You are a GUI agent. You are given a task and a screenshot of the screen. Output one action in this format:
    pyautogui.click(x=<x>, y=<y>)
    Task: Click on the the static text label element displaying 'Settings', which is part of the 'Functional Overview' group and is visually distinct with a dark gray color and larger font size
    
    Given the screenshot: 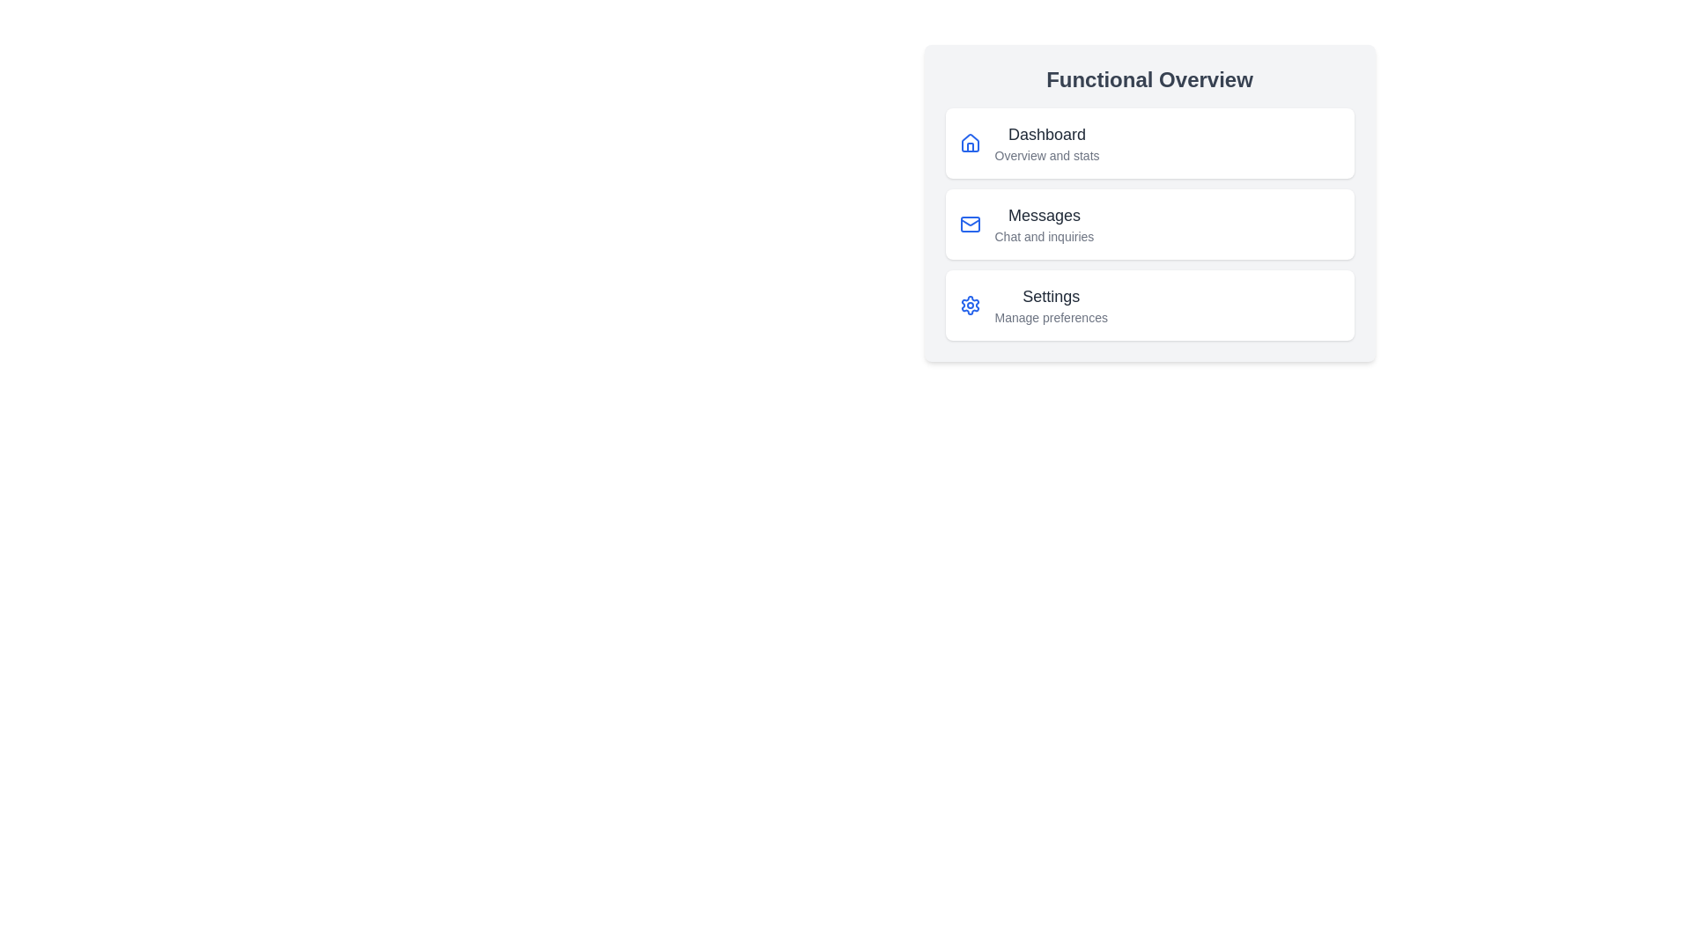 What is the action you would take?
    pyautogui.click(x=1051, y=295)
    